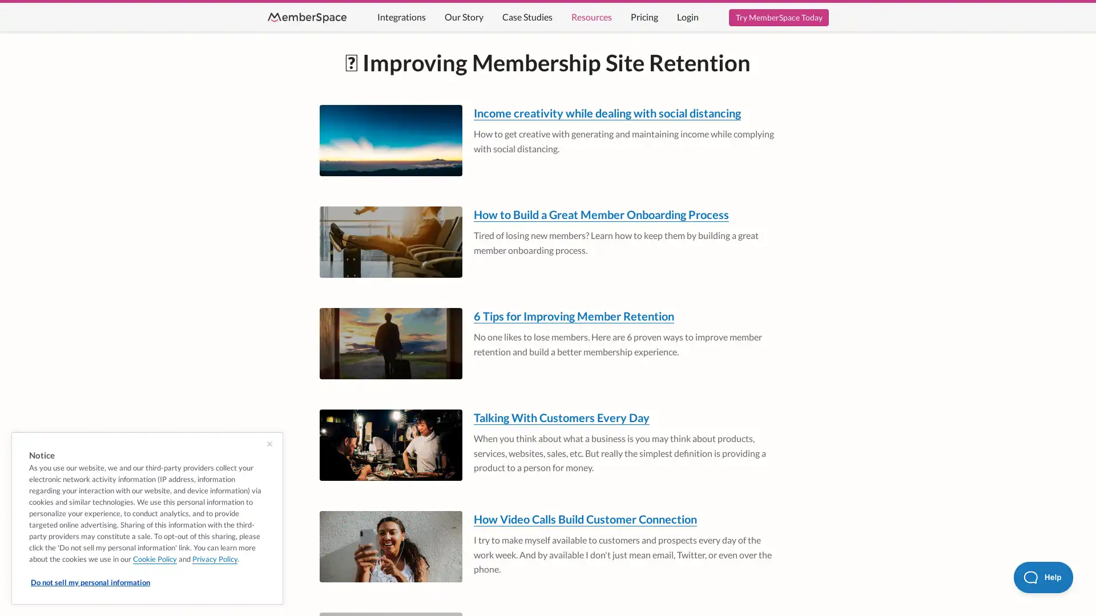 The width and height of the screenshot is (1096, 616). I want to click on consent-close-icon, so click(269, 444).